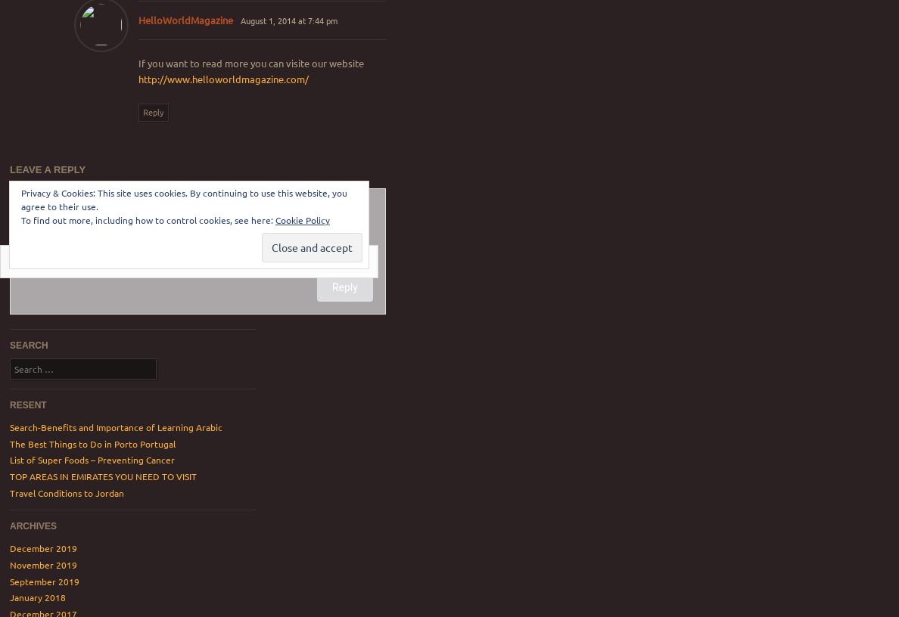 This screenshot has width=899, height=617. What do you see at coordinates (26, 404) in the screenshot?
I see `'resent'` at bounding box center [26, 404].